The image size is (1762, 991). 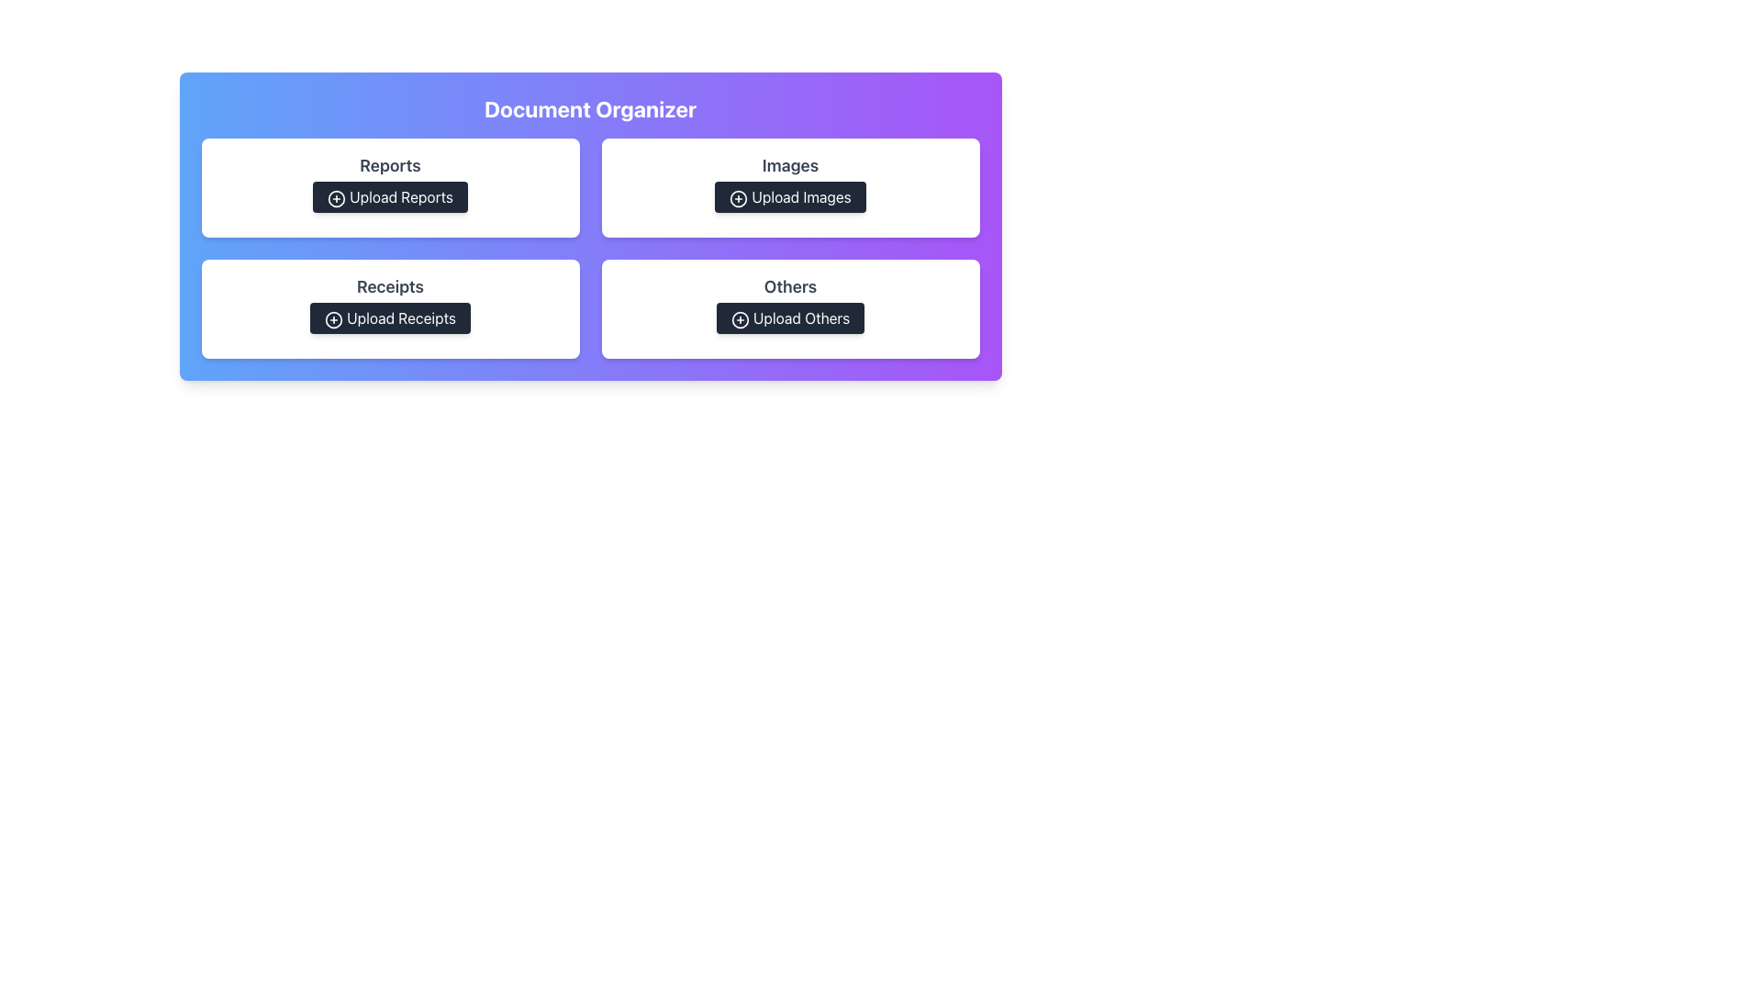 What do you see at coordinates (337, 198) in the screenshot?
I see `the red circular SVG element that is part of the 'Upload Reports' button, which has a thin white border and is located in the top-left quadrant of a 2x2 grid layout` at bounding box center [337, 198].